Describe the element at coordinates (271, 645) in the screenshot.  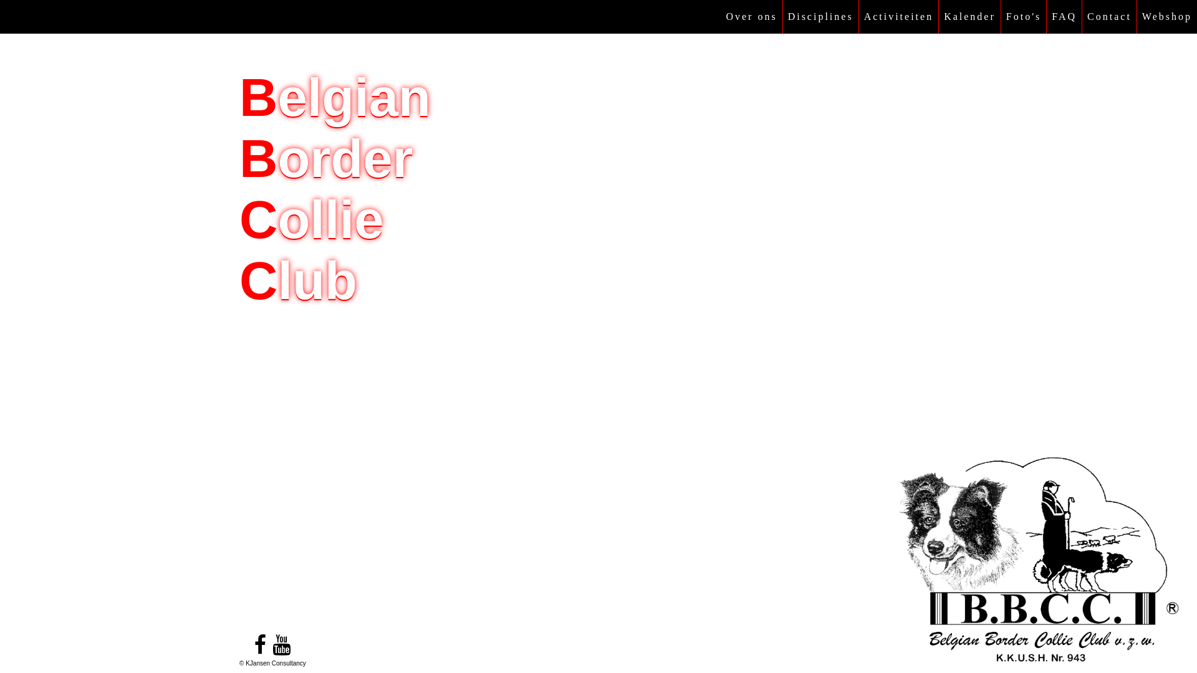
I see `'youtube'` at that location.